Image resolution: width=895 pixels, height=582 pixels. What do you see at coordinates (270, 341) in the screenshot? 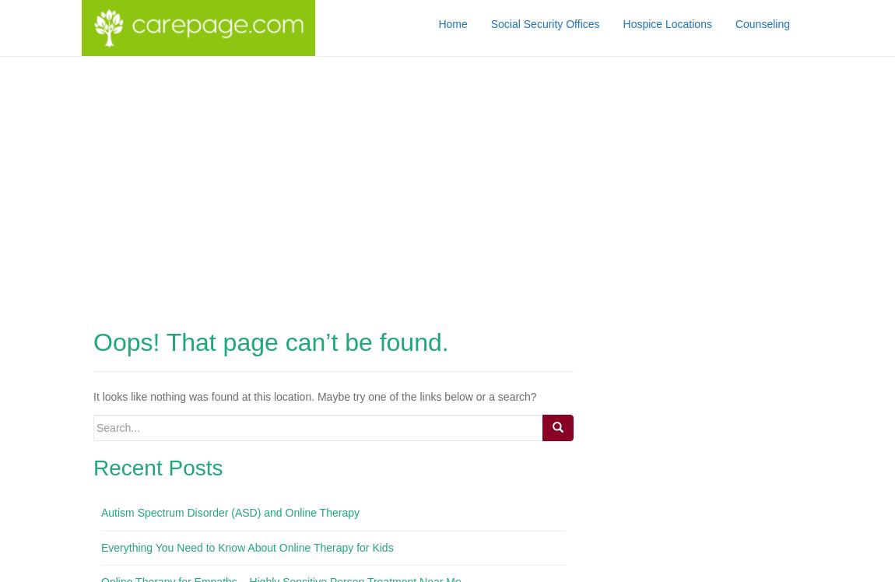
I see `'Oops! That page can’t be found.'` at bounding box center [270, 341].